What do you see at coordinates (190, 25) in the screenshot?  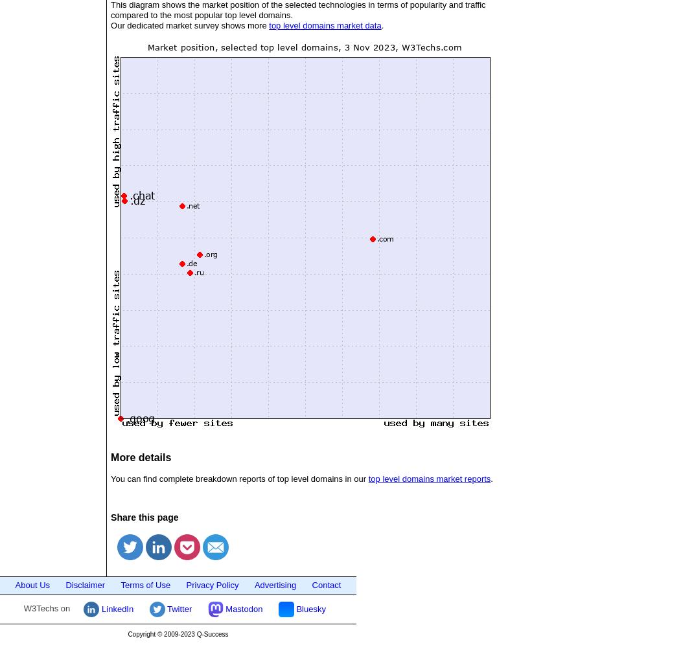 I see `'Our dedicated market survey shows more'` at bounding box center [190, 25].